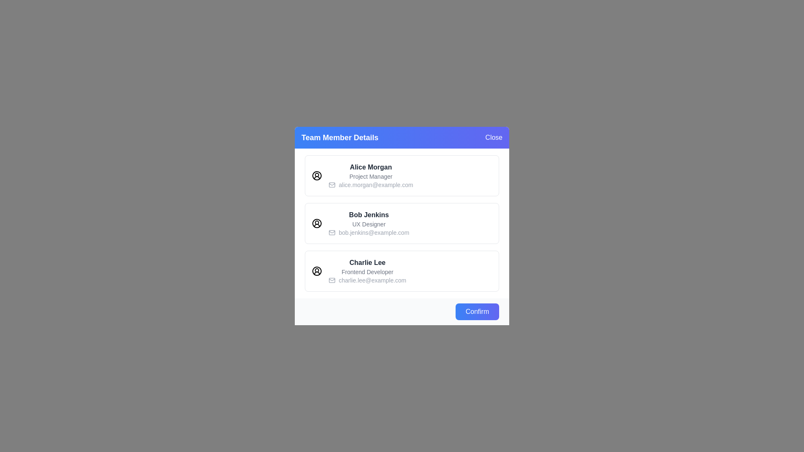  I want to click on the text label displaying 'Alice Morgan', which is in bold and dark gray, located at the top of the team member's details section, so click(370, 167).